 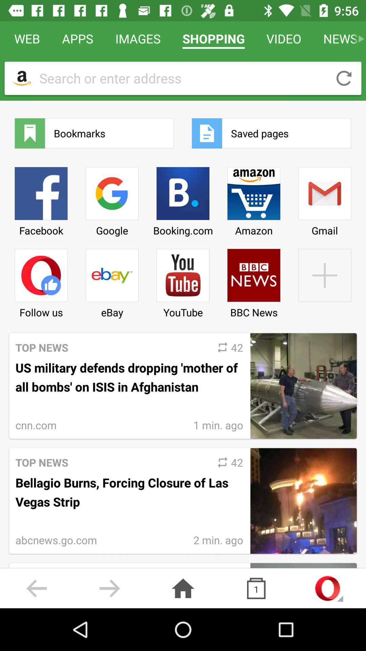 What do you see at coordinates (21, 78) in the screenshot?
I see `the item next to the apps item` at bounding box center [21, 78].